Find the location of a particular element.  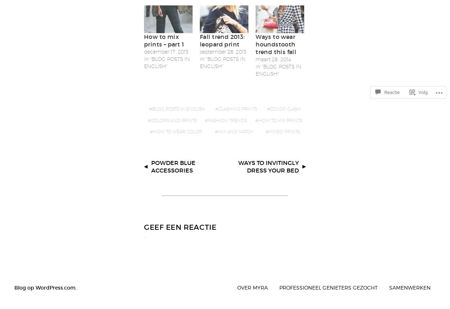

'Reactie' is located at coordinates (391, 92).